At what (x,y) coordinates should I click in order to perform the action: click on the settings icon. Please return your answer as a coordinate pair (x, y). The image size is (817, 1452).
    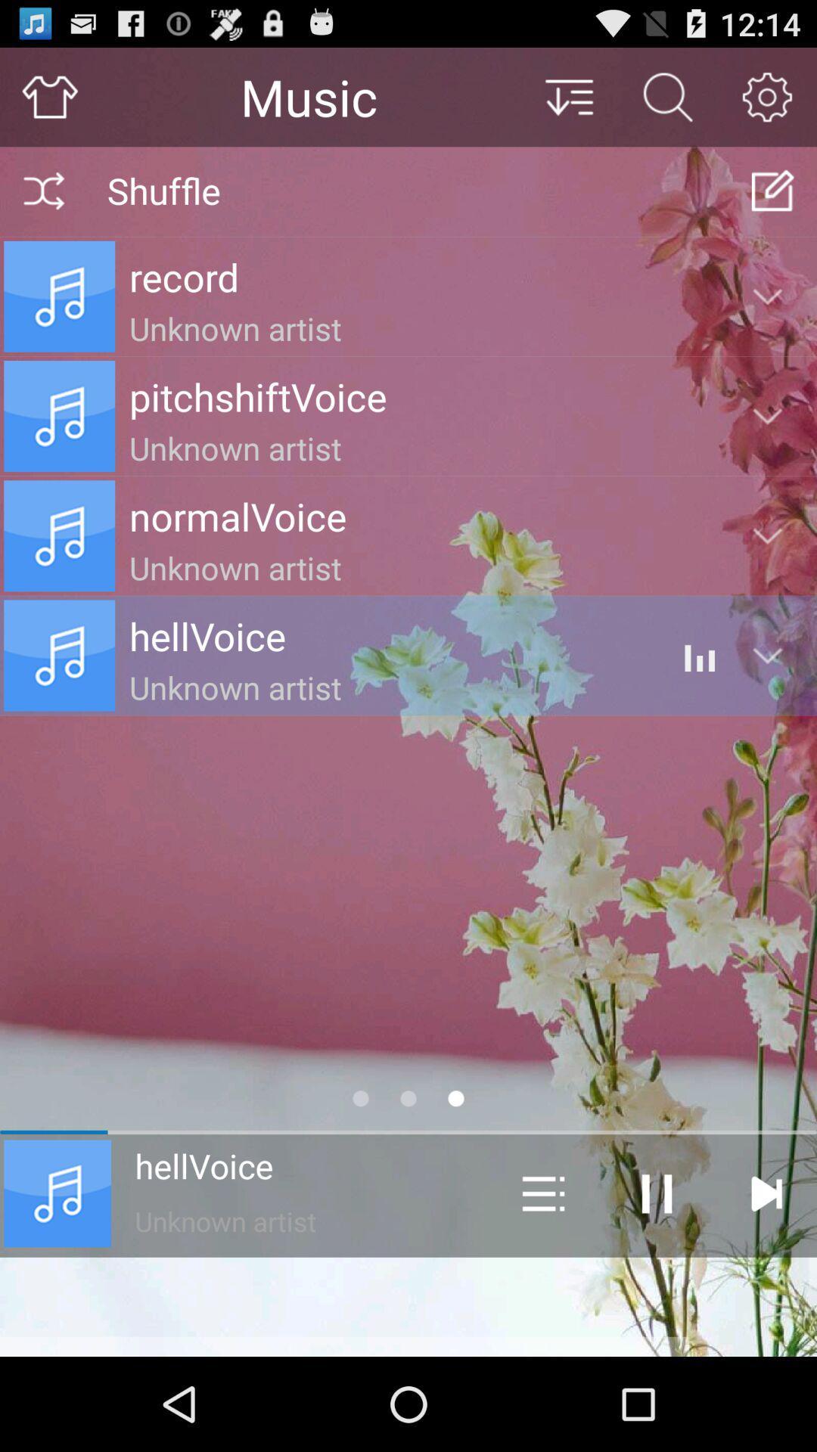
    Looking at the image, I should click on (767, 103).